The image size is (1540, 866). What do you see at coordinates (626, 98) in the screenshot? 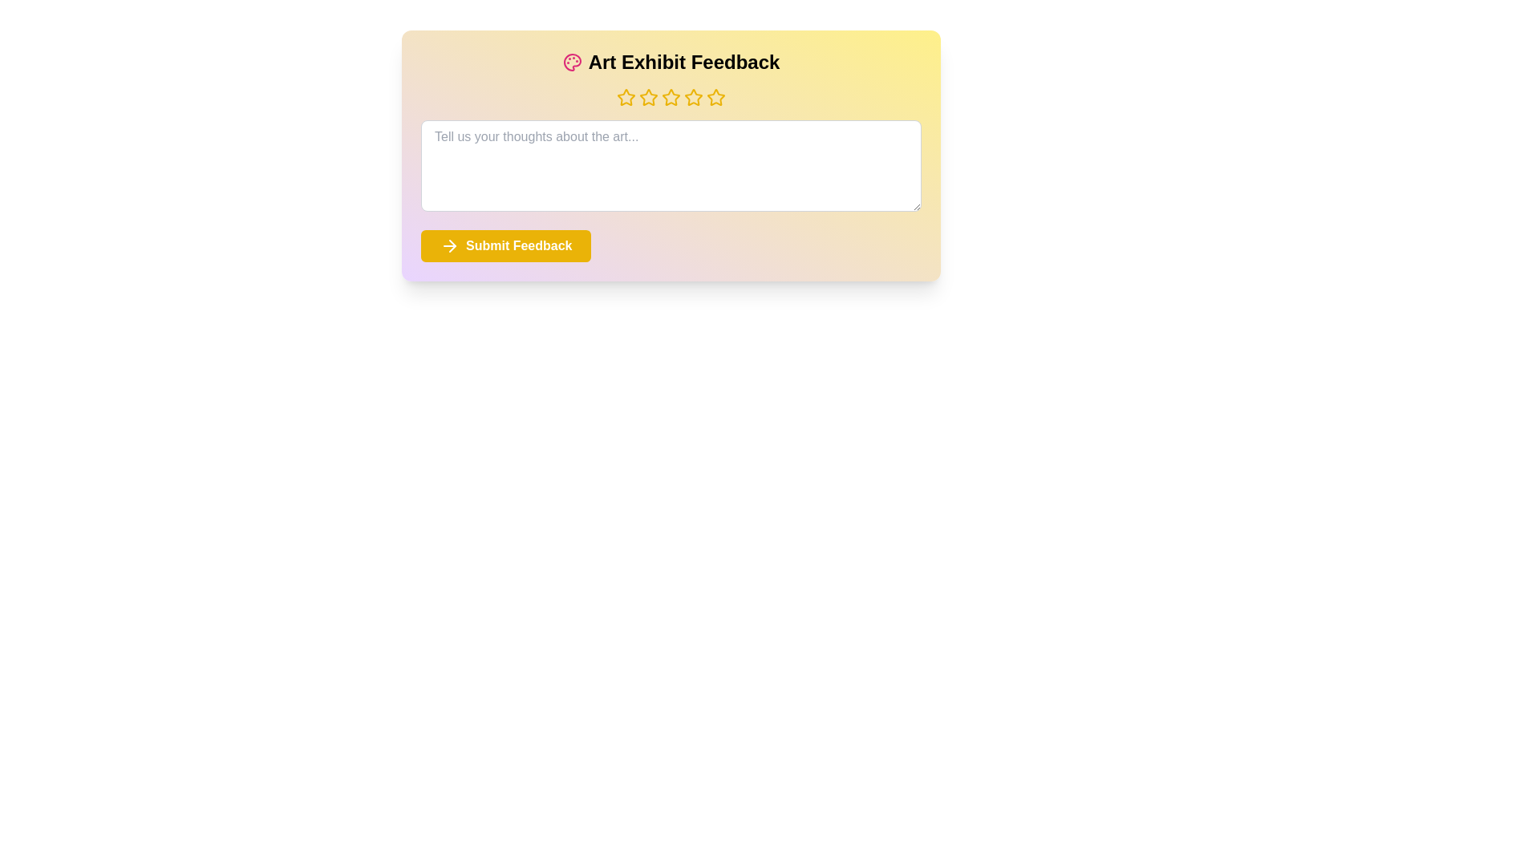
I see `the star rating to 1 stars by clicking on the corresponding star` at bounding box center [626, 98].